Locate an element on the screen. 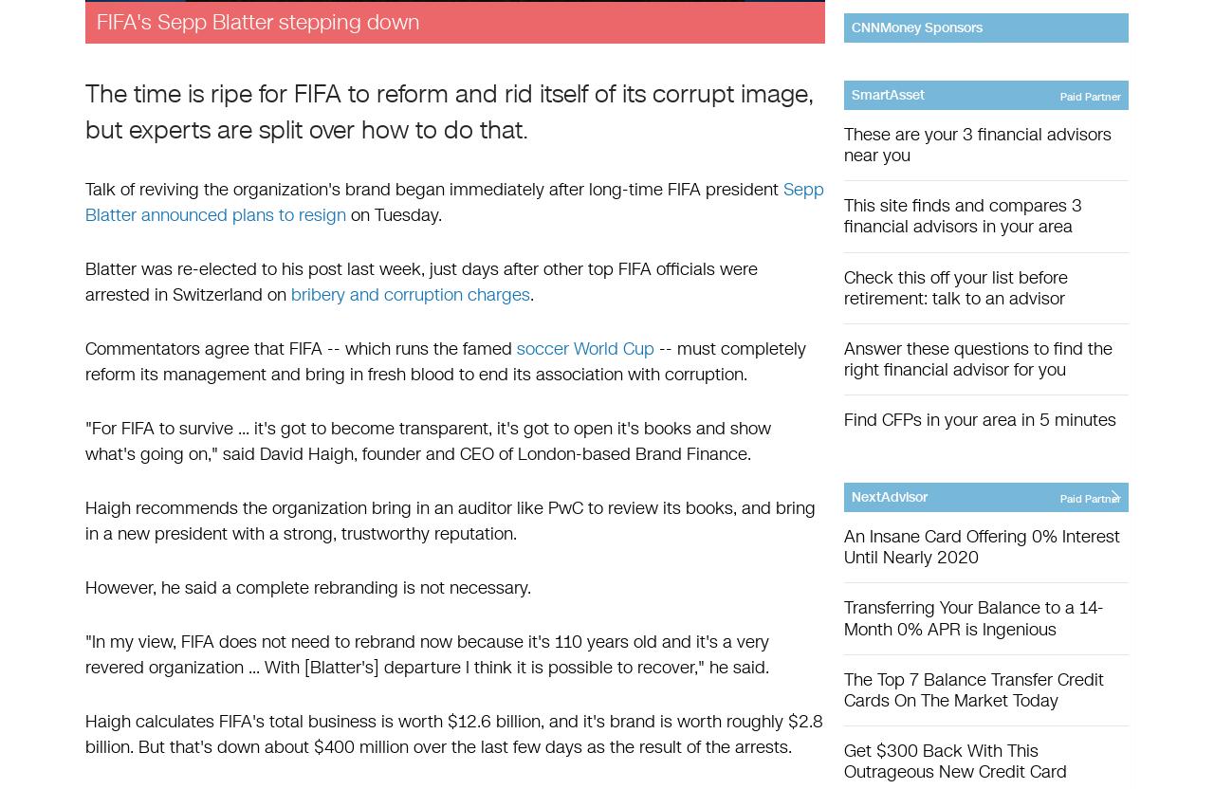  'NextAdvisor' is located at coordinates (888, 497).